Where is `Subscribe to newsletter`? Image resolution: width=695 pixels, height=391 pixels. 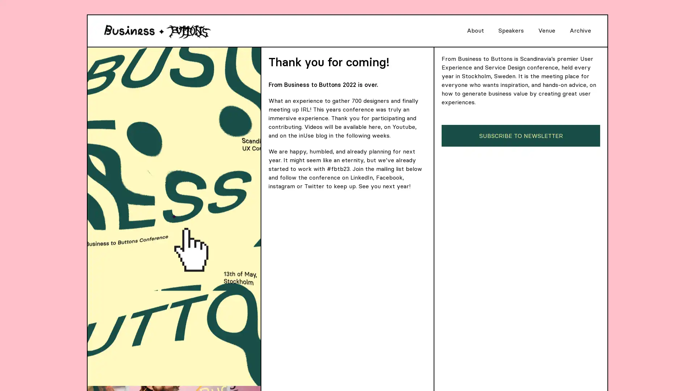 Subscribe to newsletter is located at coordinates (521, 135).